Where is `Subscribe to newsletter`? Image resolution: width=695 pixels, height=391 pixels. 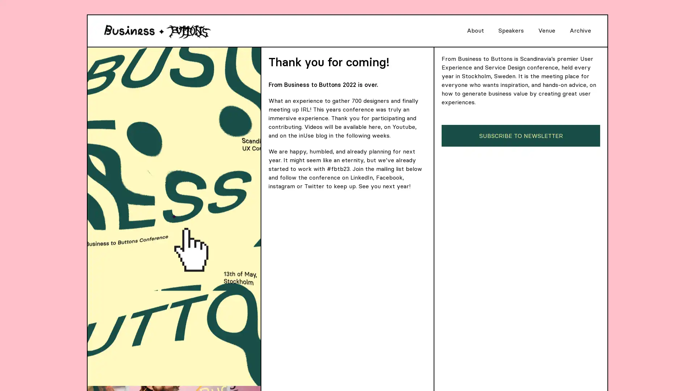 Subscribe to newsletter is located at coordinates (521, 135).